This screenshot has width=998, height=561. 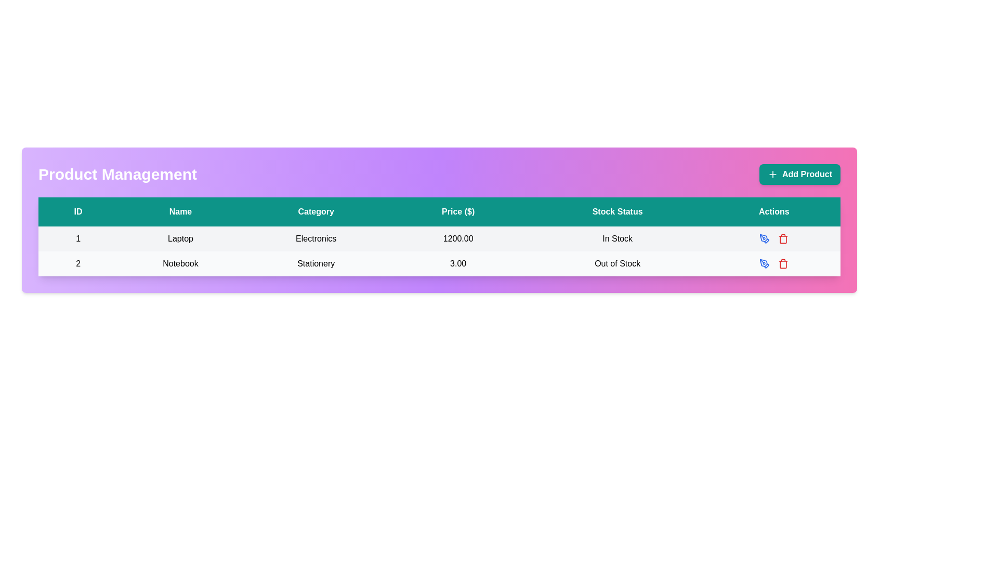 What do you see at coordinates (765, 263) in the screenshot?
I see `the edit icon located` at bounding box center [765, 263].